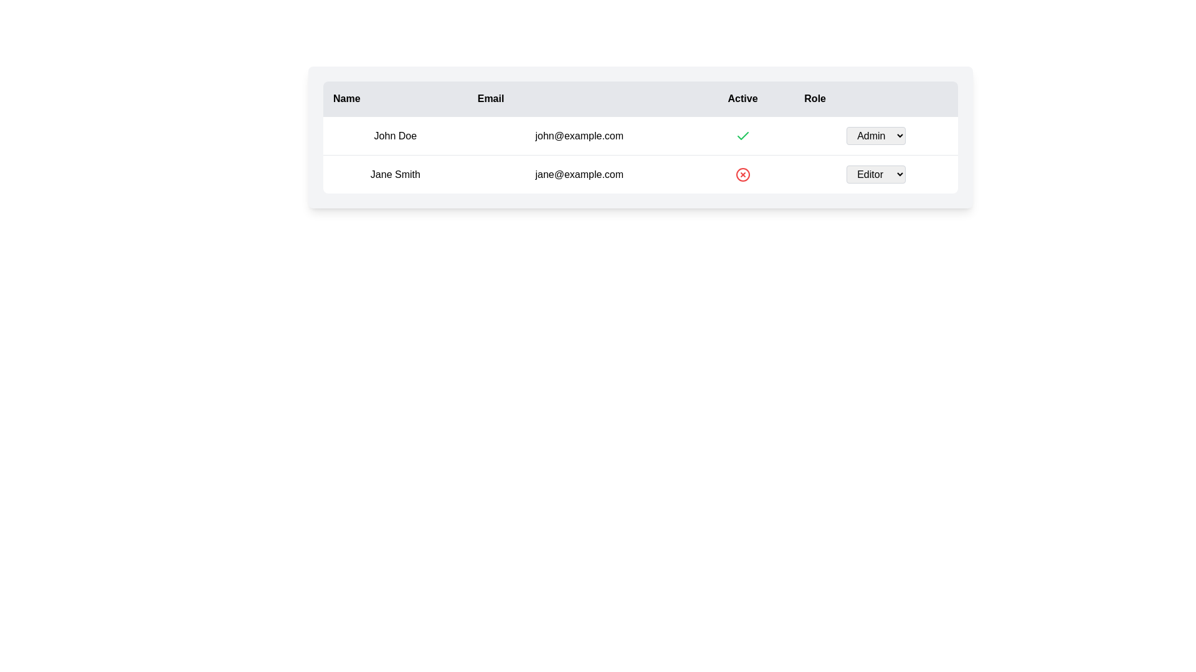  What do you see at coordinates (743, 136) in the screenshot?
I see `the green checkmark icon located in the Active column of the first row in the user information table, adjacent to 'john@example.com'` at bounding box center [743, 136].